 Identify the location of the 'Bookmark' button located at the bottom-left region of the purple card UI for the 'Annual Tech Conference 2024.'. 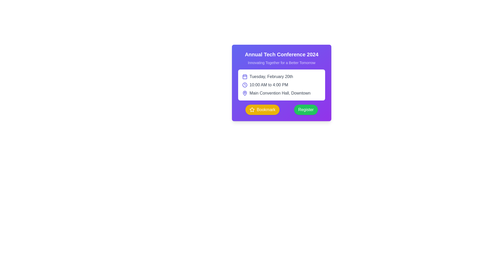
(266, 109).